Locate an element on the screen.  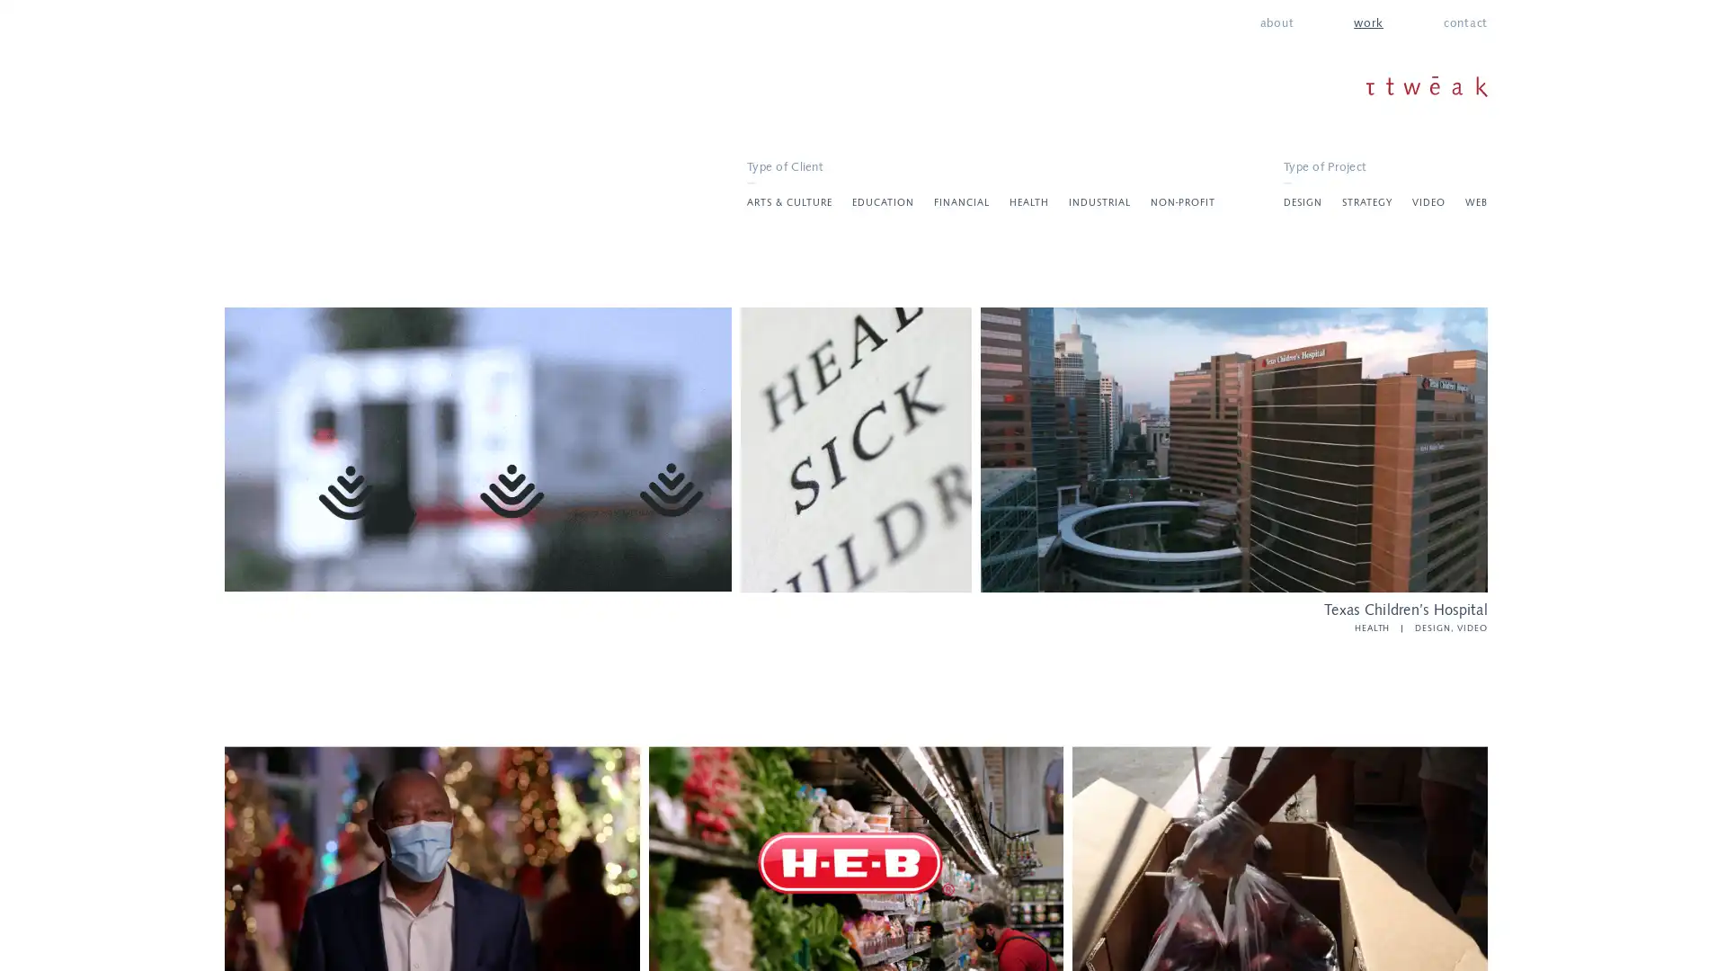
EDUCATION is located at coordinates (883, 202).